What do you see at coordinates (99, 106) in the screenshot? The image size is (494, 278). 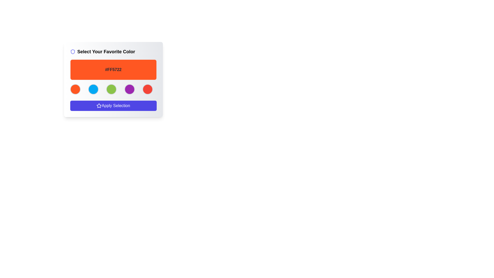 I see `the blue outlined star-shaped icon located at the beginning of the 'Apply Selection' button` at bounding box center [99, 106].